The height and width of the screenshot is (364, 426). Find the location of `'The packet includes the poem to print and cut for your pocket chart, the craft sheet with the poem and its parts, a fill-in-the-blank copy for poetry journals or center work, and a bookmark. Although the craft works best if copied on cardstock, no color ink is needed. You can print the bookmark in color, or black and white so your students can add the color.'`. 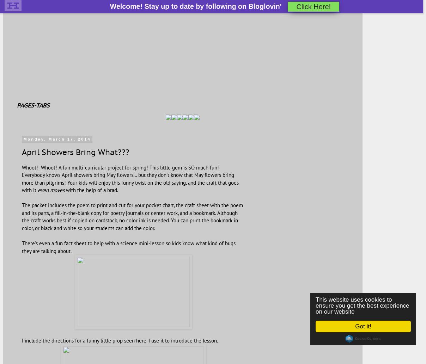

'The packet includes the poem to print and cut for your pocket chart, the craft sheet with the poem and its parts, a fill-in-the-blank copy for poetry journals or center work, and a bookmark. Although the craft works best if copied on cardstock, no color ink is needed. You can print the bookmark in color, or black and white so your students can add the color.' is located at coordinates (132, 216).